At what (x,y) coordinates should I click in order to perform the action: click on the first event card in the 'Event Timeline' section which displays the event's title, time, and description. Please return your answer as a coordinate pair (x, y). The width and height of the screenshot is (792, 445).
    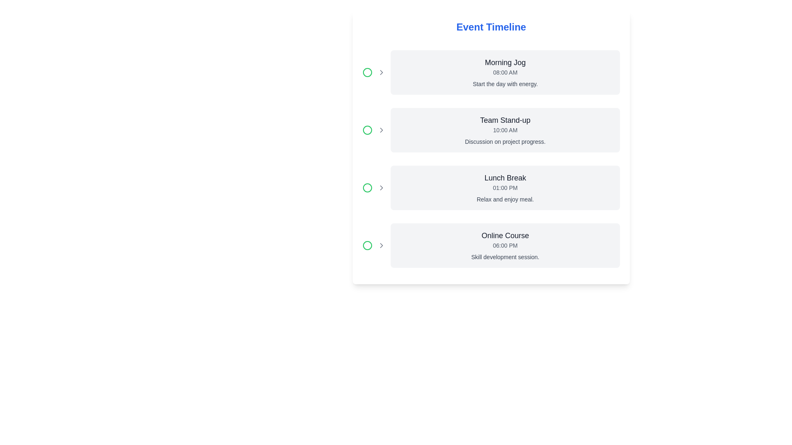
    Looking at the image, I should click on (504, 72).